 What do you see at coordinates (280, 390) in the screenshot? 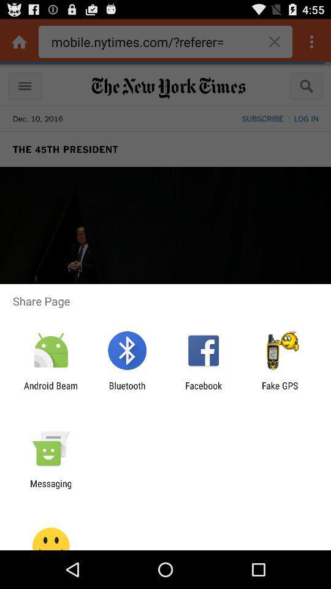
I see `the app next to facebook` at bounding box center [280, 390].